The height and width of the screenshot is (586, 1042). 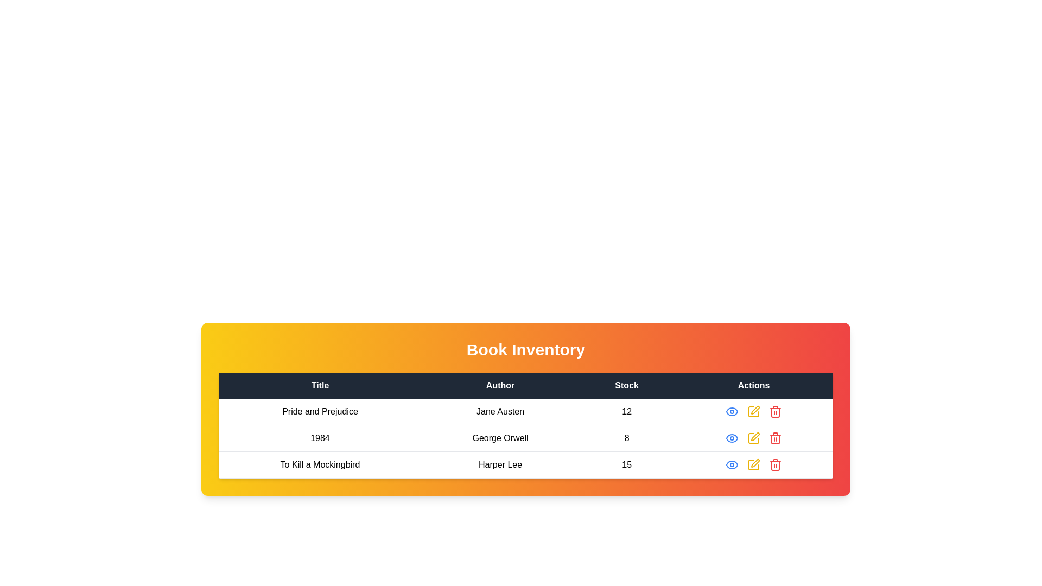 I want to click on the 'Title' text element in the table header, which is displayed in white on a dark blue background and is the first column header, so click(x=320, y=385).